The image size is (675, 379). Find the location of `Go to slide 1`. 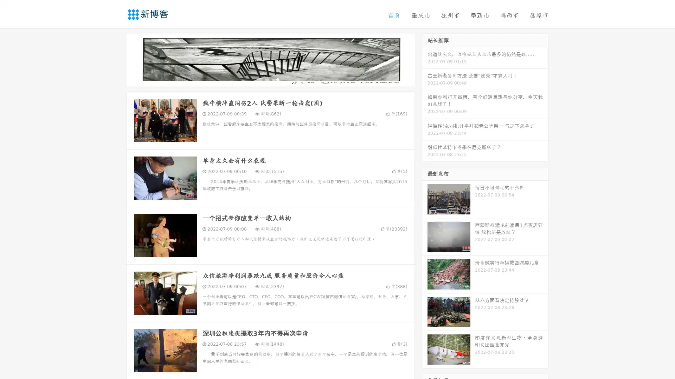

Go to slide 1 is located at coordinates (263, 79).